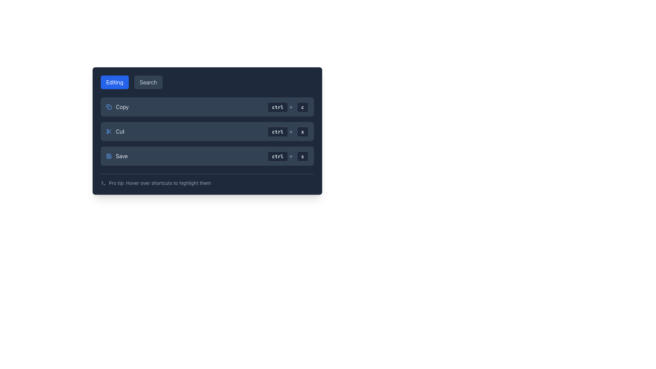  Describe the element at coordinates (115, 82) in the screenshot. I see `the blue button with white text labeled 'Editing', located in the top-left corner of a dark-themed panel` at that location.